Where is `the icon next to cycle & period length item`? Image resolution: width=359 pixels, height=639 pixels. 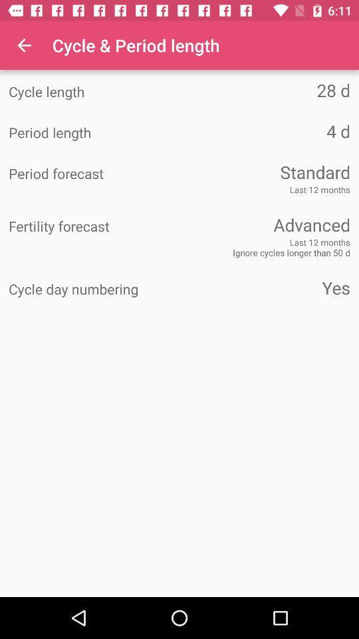 the icon next to cycle & period length item is located at coordinates (24, 45).